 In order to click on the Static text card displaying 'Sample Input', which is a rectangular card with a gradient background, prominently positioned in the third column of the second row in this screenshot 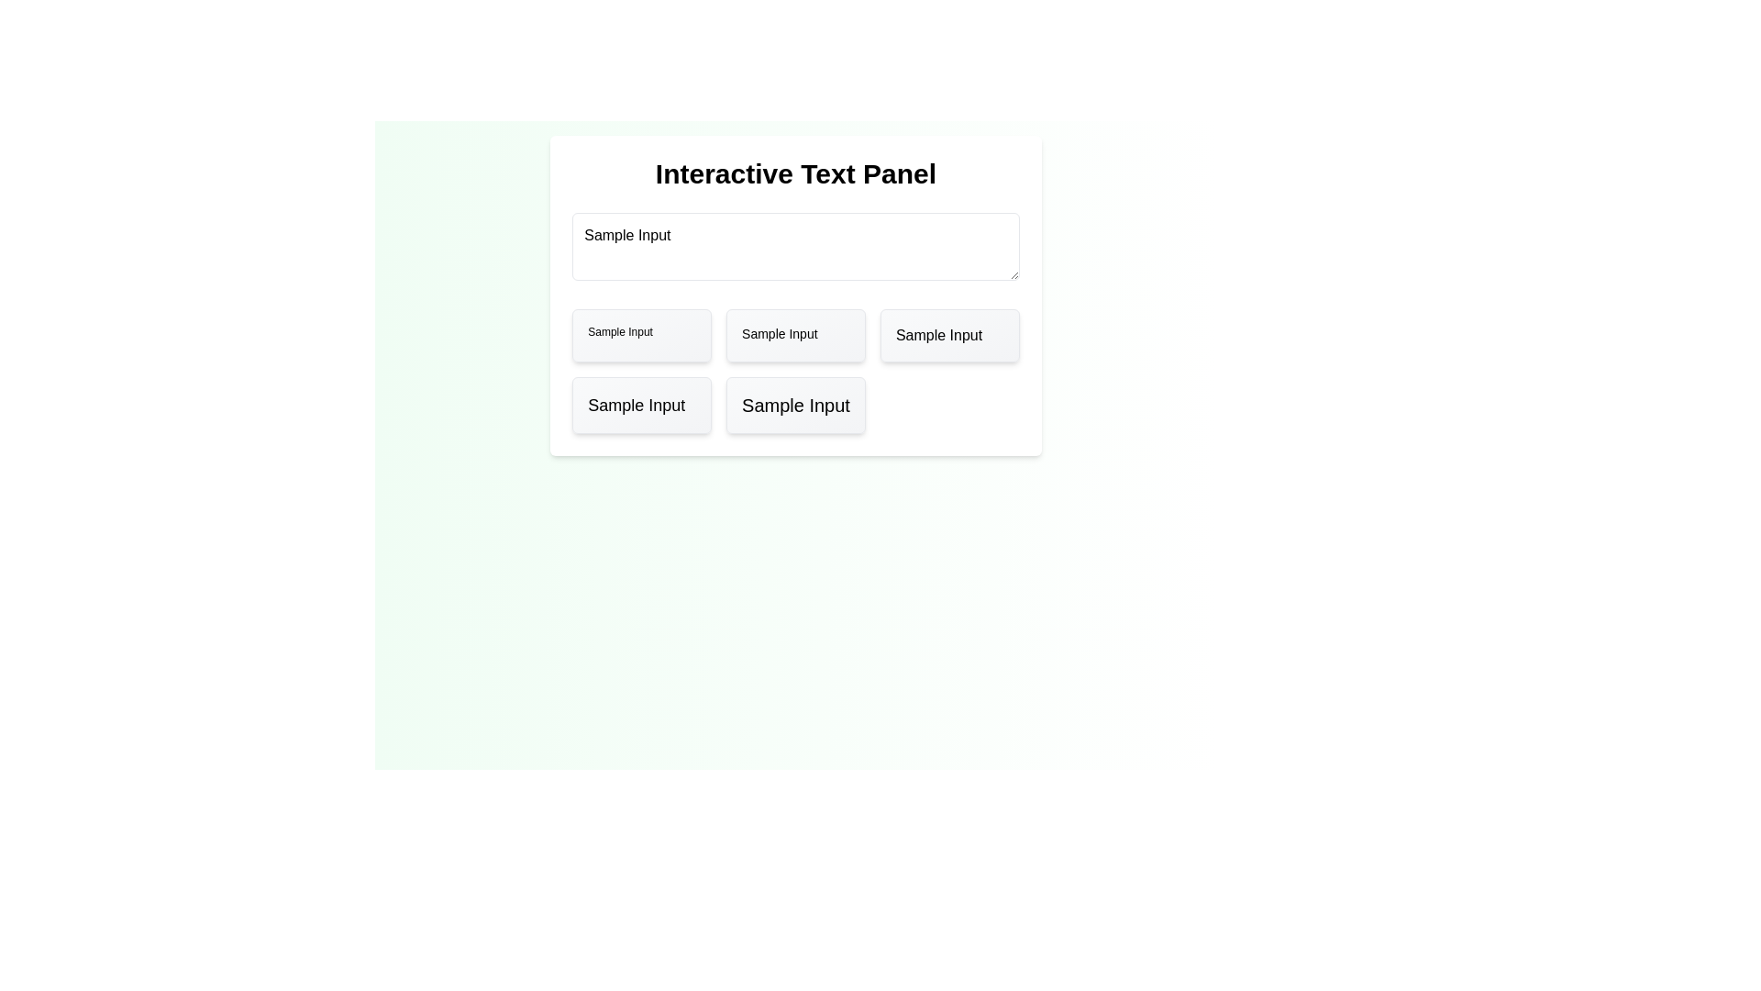, I will do `click(796, 405)`.